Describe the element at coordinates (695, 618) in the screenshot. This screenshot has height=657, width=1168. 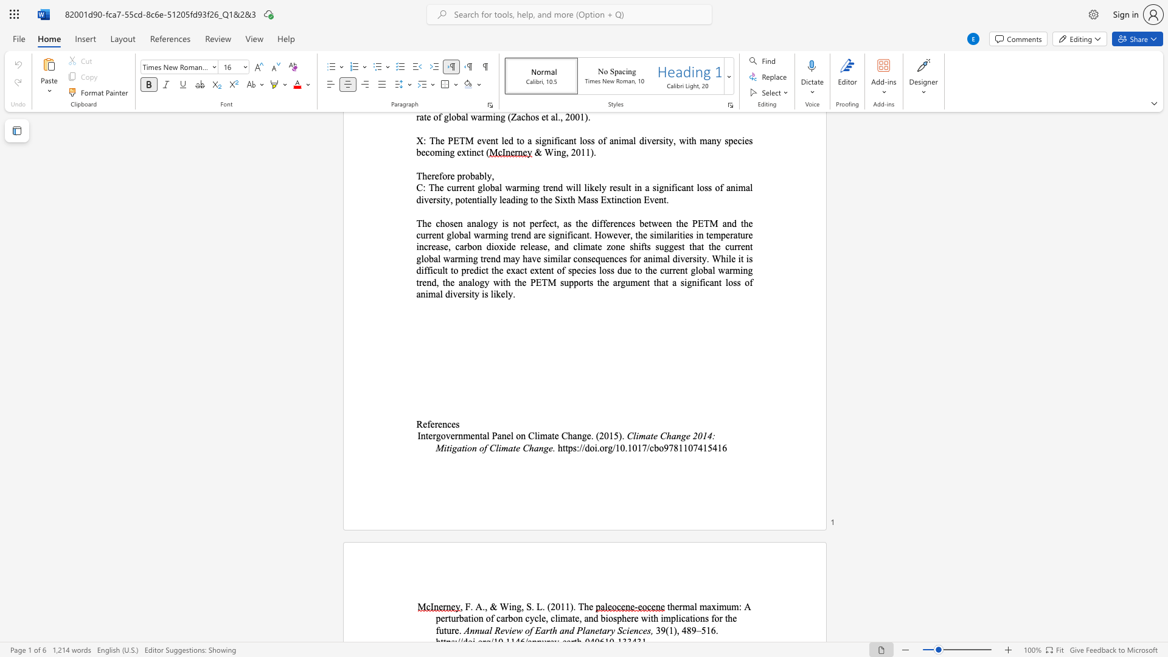
I see `the subset text "ons for the future" within the text "imate, and biosphere with implications for the future."` at that location.